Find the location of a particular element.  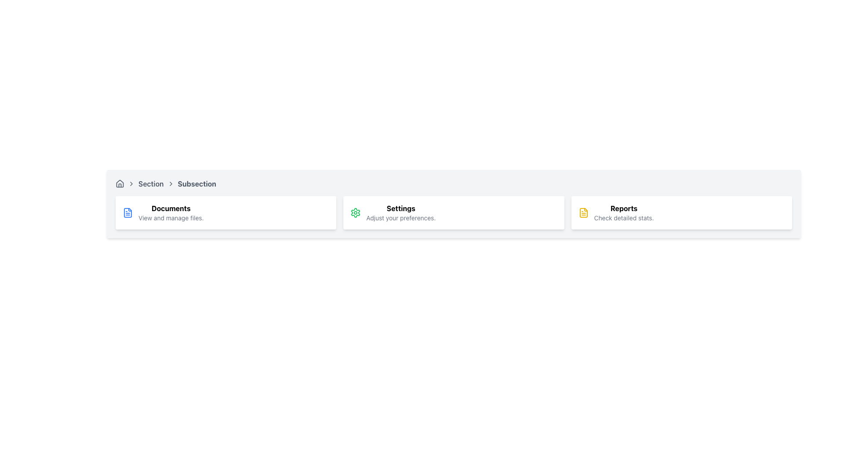

the yellow document icon located within the 'Reports' button on the right-hand side of the interface is located at coordinates (583, 213).